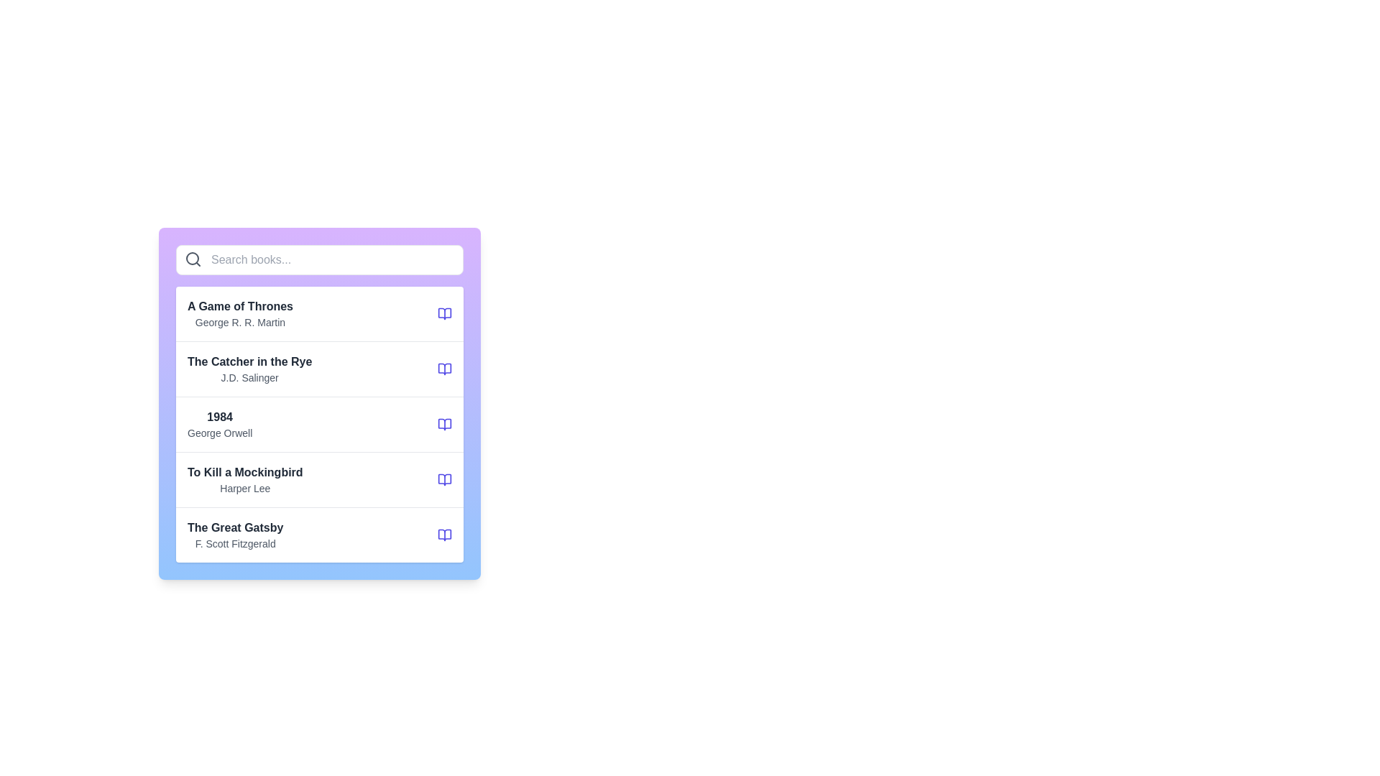 This screenshot has width=1380, height=776. What do you see at coordinates (444, 423) in the screenshot?
I see `the icon located` at bounding box center [444, 423].